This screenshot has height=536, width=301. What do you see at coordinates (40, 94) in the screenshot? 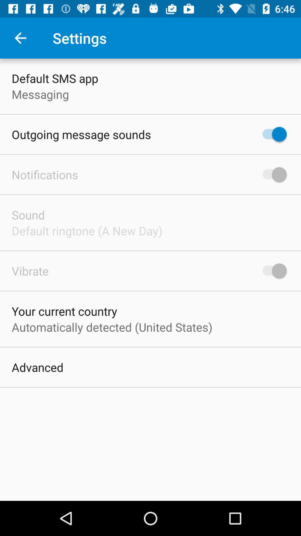
I see `the item above the outgoing message sounds` at bounding box center [40, 94].